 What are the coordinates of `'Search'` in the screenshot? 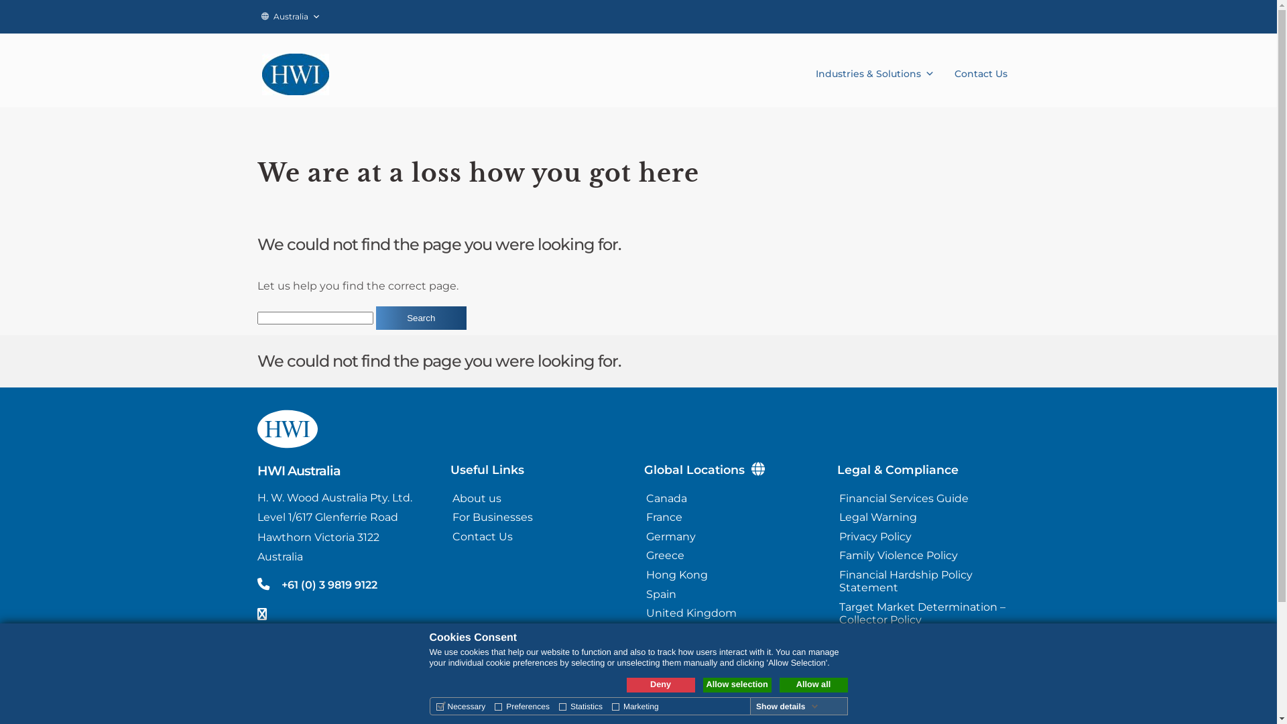 It's located at (420, 318).